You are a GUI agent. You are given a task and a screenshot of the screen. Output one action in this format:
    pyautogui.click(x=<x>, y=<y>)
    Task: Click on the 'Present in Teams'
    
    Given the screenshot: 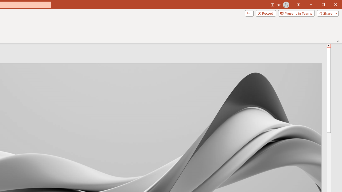 What is the action you would take?
    pyautogui.click(x=296, y=13)
    